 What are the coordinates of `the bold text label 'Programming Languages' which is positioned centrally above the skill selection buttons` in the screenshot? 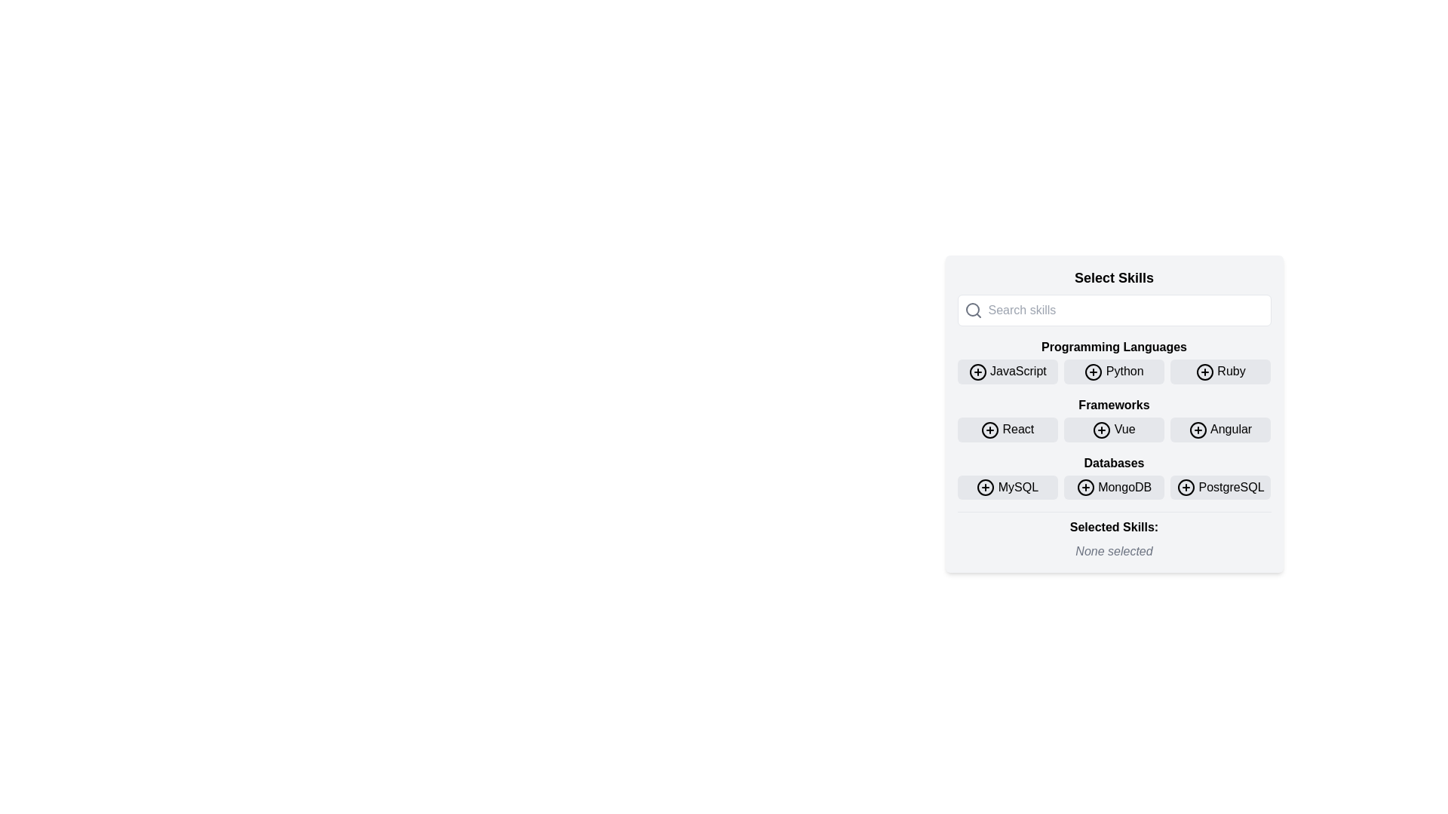 It's located at (1114, 347).